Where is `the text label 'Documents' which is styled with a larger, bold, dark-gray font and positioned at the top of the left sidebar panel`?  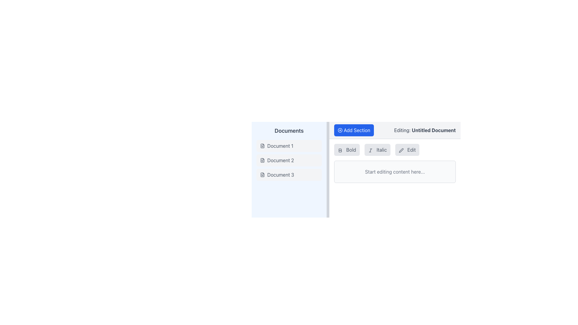 the text label 'Documents' which is styled with a larger, bold, dark-gray font and positioned at the top of the left sidebar panel is located at coordinates (289, 131).